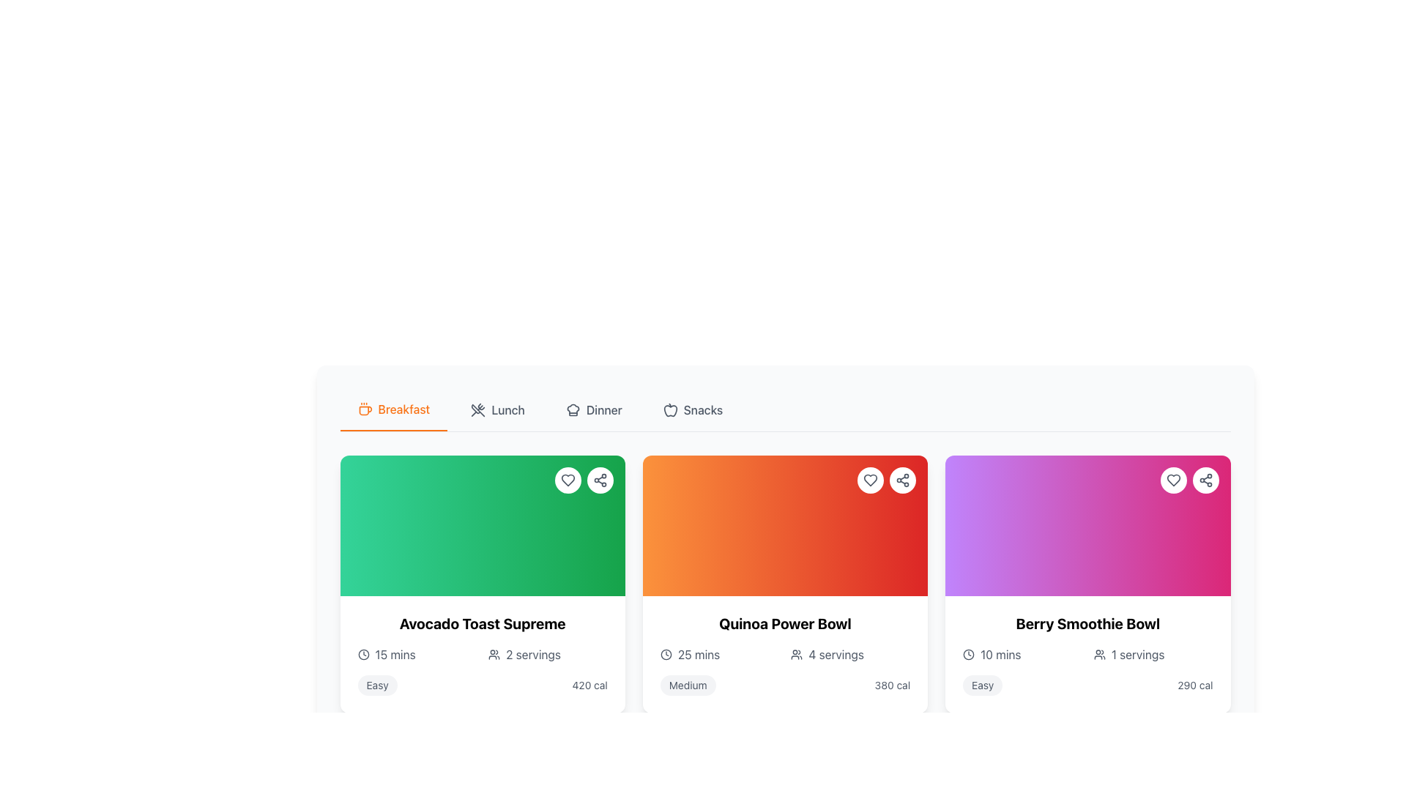 The image size is (1406, 791). Describe the element at coordinates (836, 654) in the screenshot. I see `information from the text label that reads '4 servings', which is styled in gray font on a white background and located in the middle card of three horizontal cards, positioned to the right of a user icon and below the title 'Quinoa Power Bowl'` at that location.